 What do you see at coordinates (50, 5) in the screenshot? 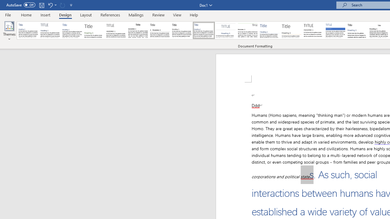
I see `'Undo Outline Move Up'` at bounding box center [50, 5].